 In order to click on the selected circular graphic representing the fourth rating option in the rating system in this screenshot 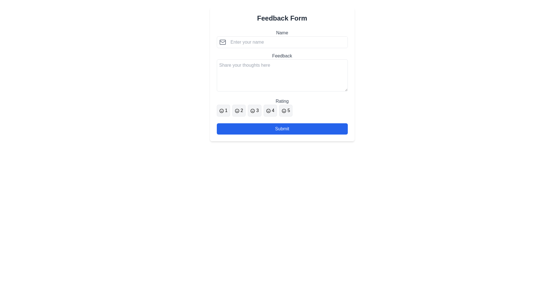, I will do `click(268, 111)`.